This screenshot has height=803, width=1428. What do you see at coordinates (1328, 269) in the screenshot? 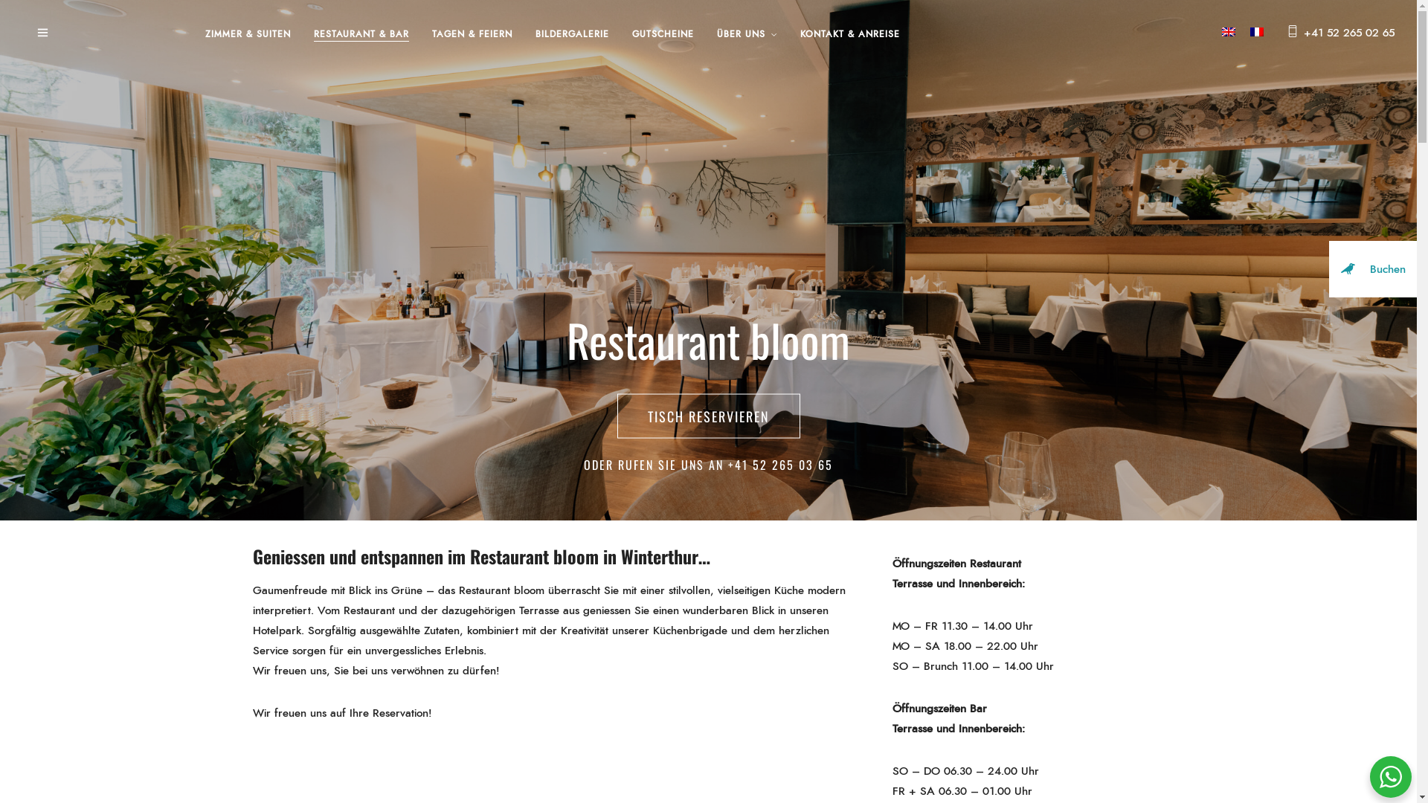
I see `'Buchen'` at bounding box center [1328, 269].